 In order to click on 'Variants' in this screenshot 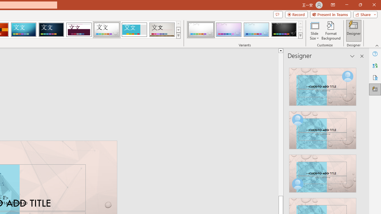, I will do `click(300, 36)`.